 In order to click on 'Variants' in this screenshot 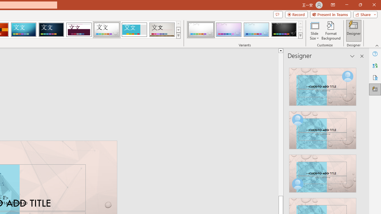, I will do `click(300, 36)`.